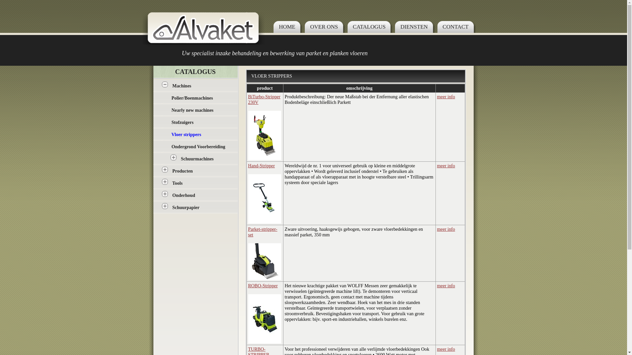  Describe the element at coordinates (182, 85) in the screenshot. I see `'Machines'` at that location.